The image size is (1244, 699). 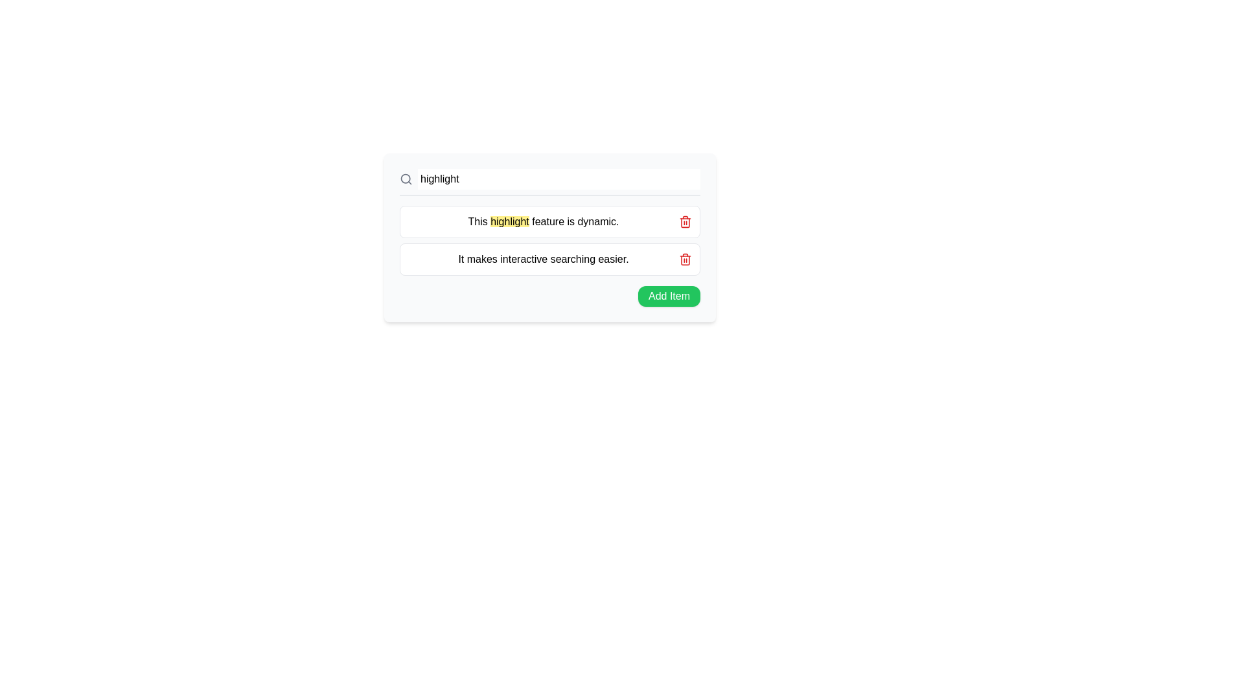 I want to click on the delete button located at the far right edge of the row containing the text 'This highlight feature is dynamic.', so click(x=684, y=221).